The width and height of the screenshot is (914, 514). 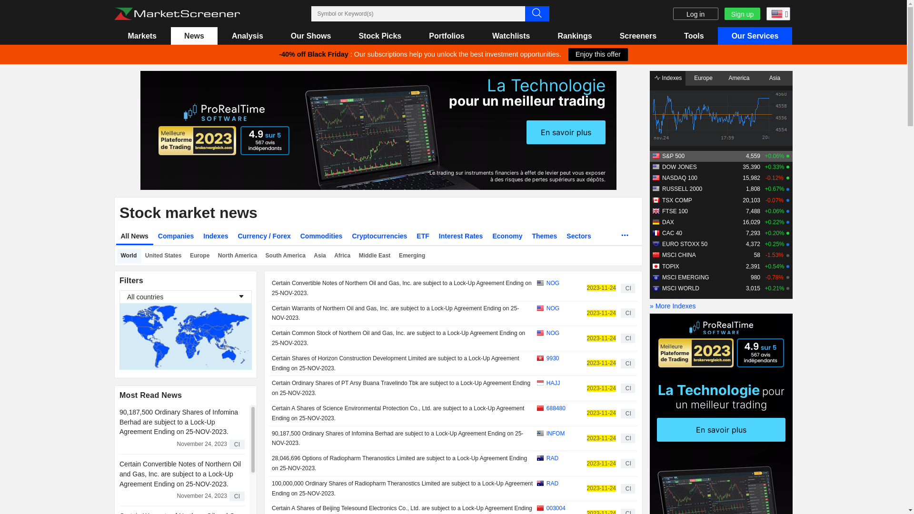 What do you see at coordinates (574, 35) in the screenshot?
I see `'Rankings'` at bounding box center [574, 35].